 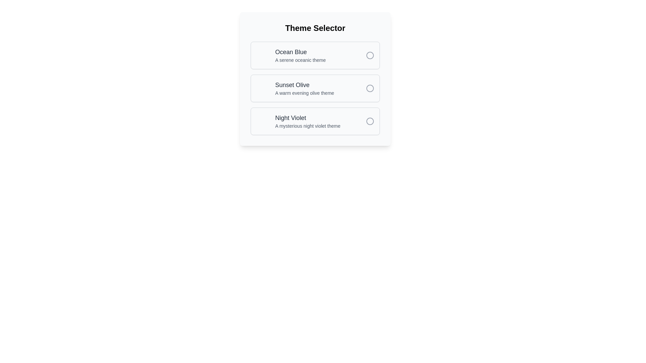 I want to click on the inactive radio button in the top-right corner of the 'Ocean Blue' theme card, so click(x=369, y=55).